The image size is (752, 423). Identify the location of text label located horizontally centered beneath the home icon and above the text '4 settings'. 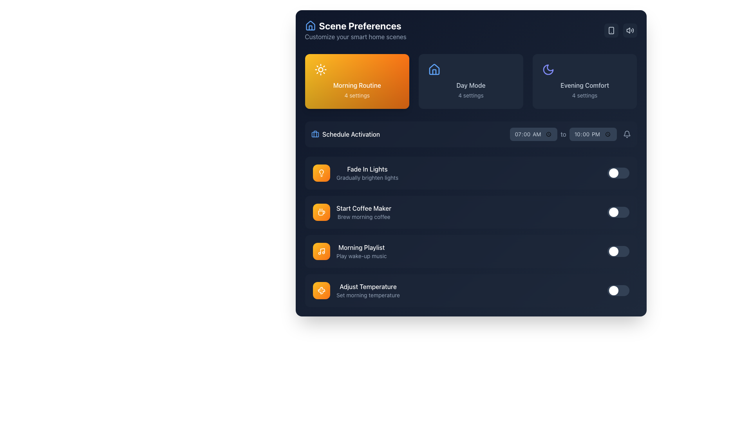
(470, 85).